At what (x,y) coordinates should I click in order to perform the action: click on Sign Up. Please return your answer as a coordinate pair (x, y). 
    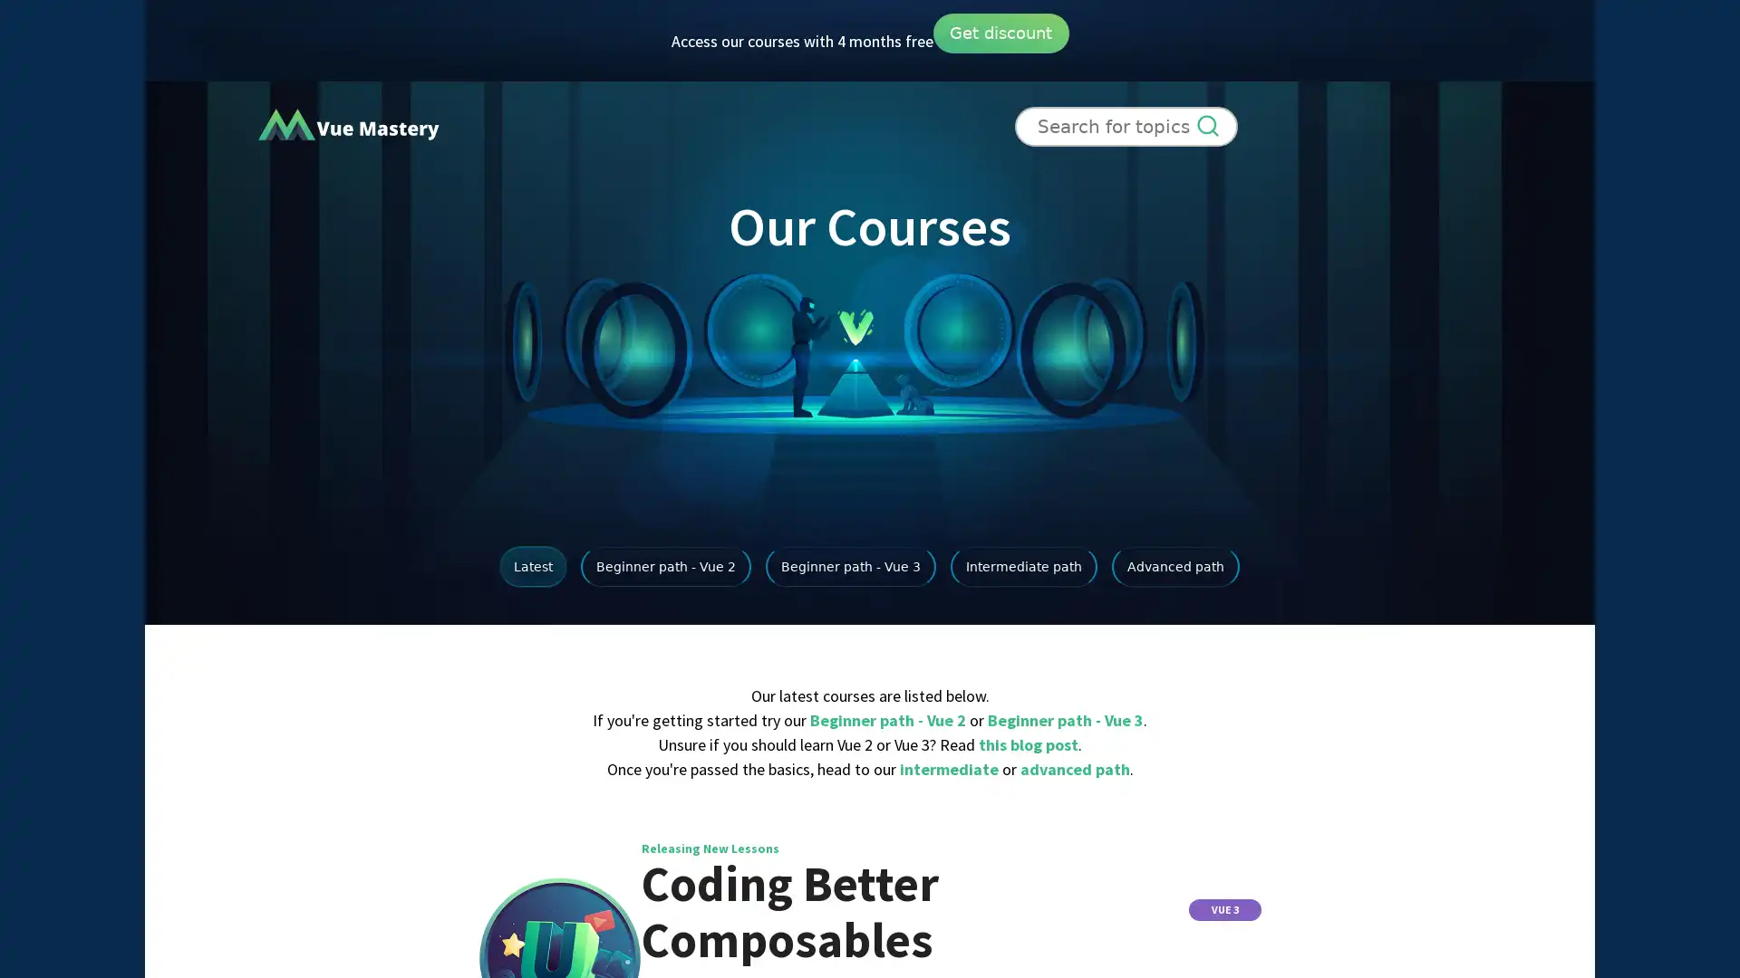
    Looking at the image, I should click on (1309, 125).